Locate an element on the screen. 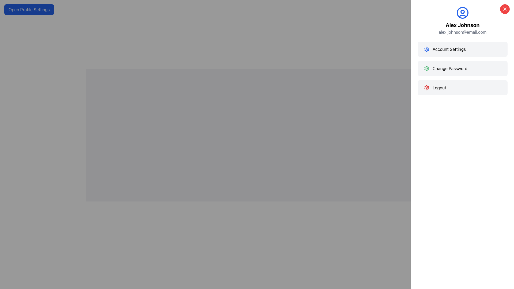  the close ('X') icon located within the circular red button in the upper-right corner of the white panel is located at coordinates (505, 9).